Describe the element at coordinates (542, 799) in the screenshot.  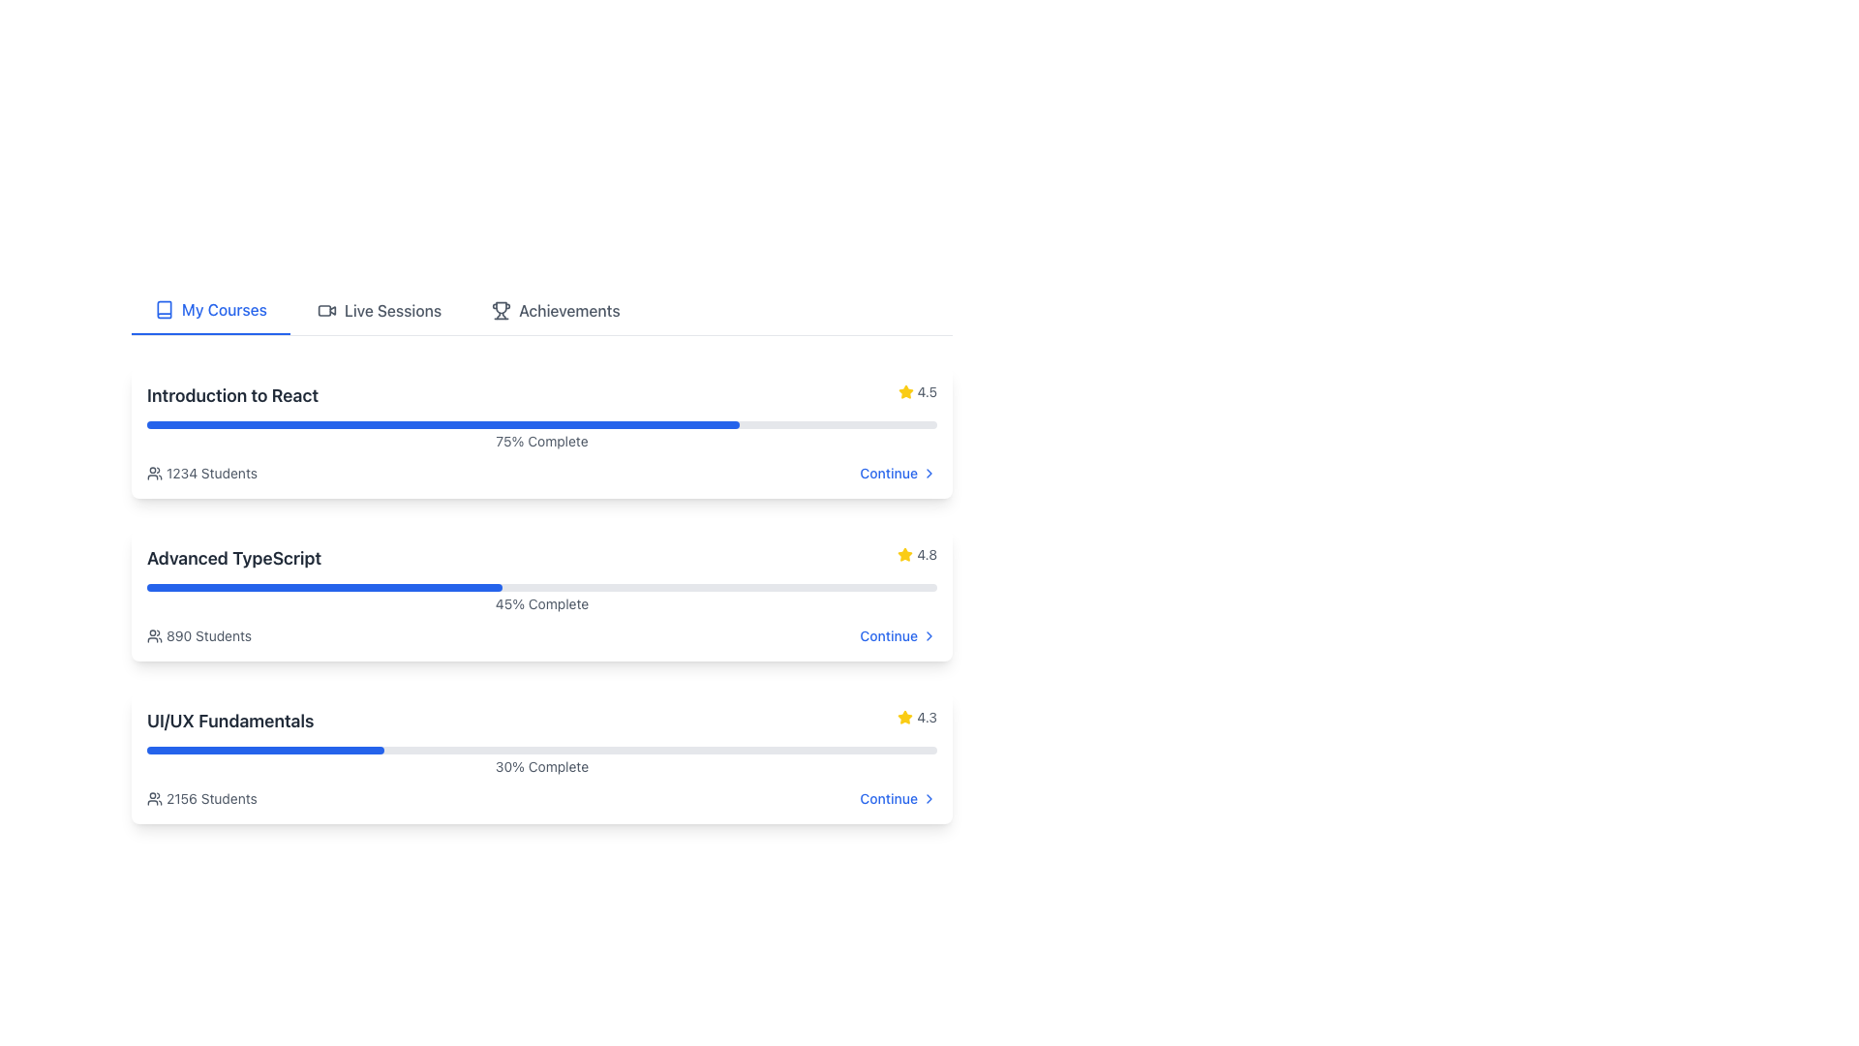
I see `student count information from the Composite component displaying '2156 Students' and the link 'Continue' located below the progress bar in the course card for 'UI/UX Fundamentals'` at that location.